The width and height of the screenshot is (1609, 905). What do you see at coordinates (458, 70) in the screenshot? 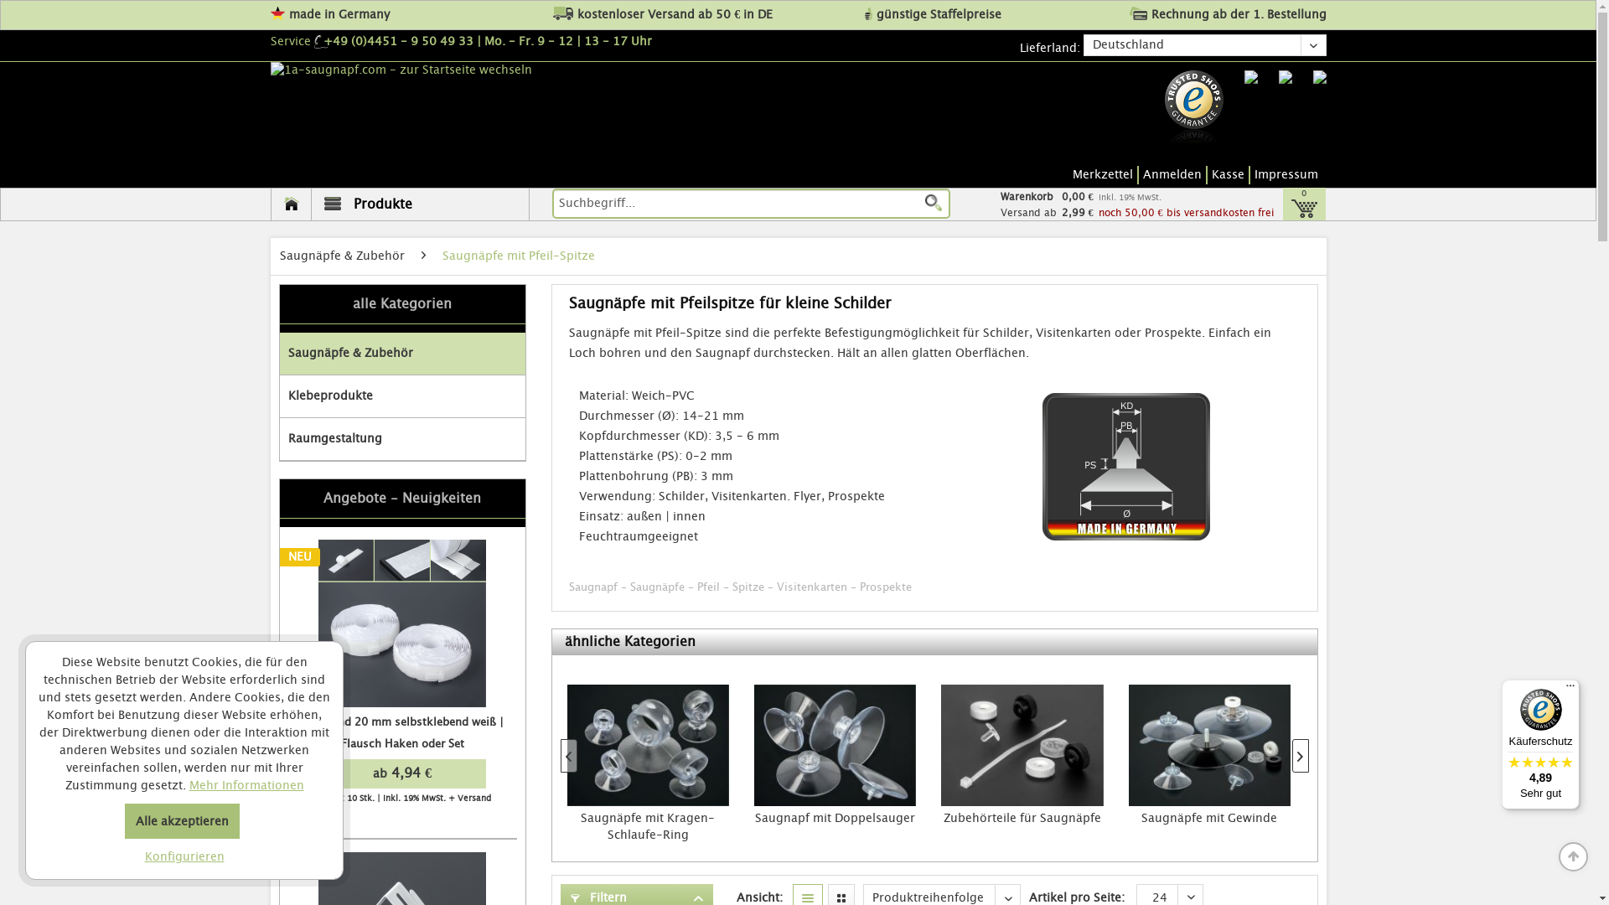
I see `'1a-saugnapf.com - zur Startseite wechseln'` at bounding box center [458, 70].